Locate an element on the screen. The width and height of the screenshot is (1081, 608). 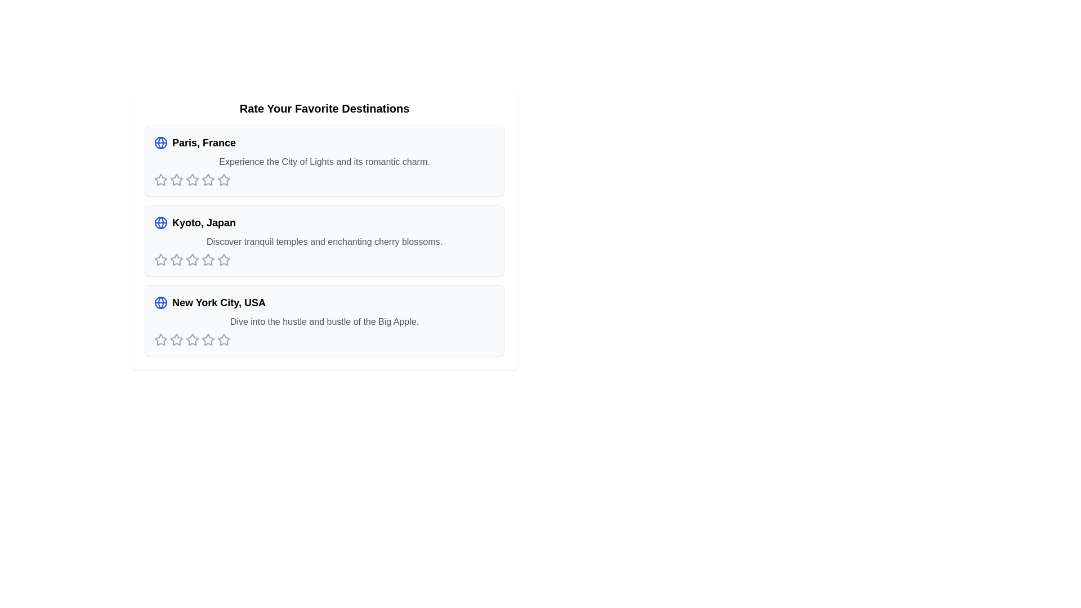
the first star icon used for rating, located under the 'Kyoto, Japan' subtitle is located at coordinates (176, 260).